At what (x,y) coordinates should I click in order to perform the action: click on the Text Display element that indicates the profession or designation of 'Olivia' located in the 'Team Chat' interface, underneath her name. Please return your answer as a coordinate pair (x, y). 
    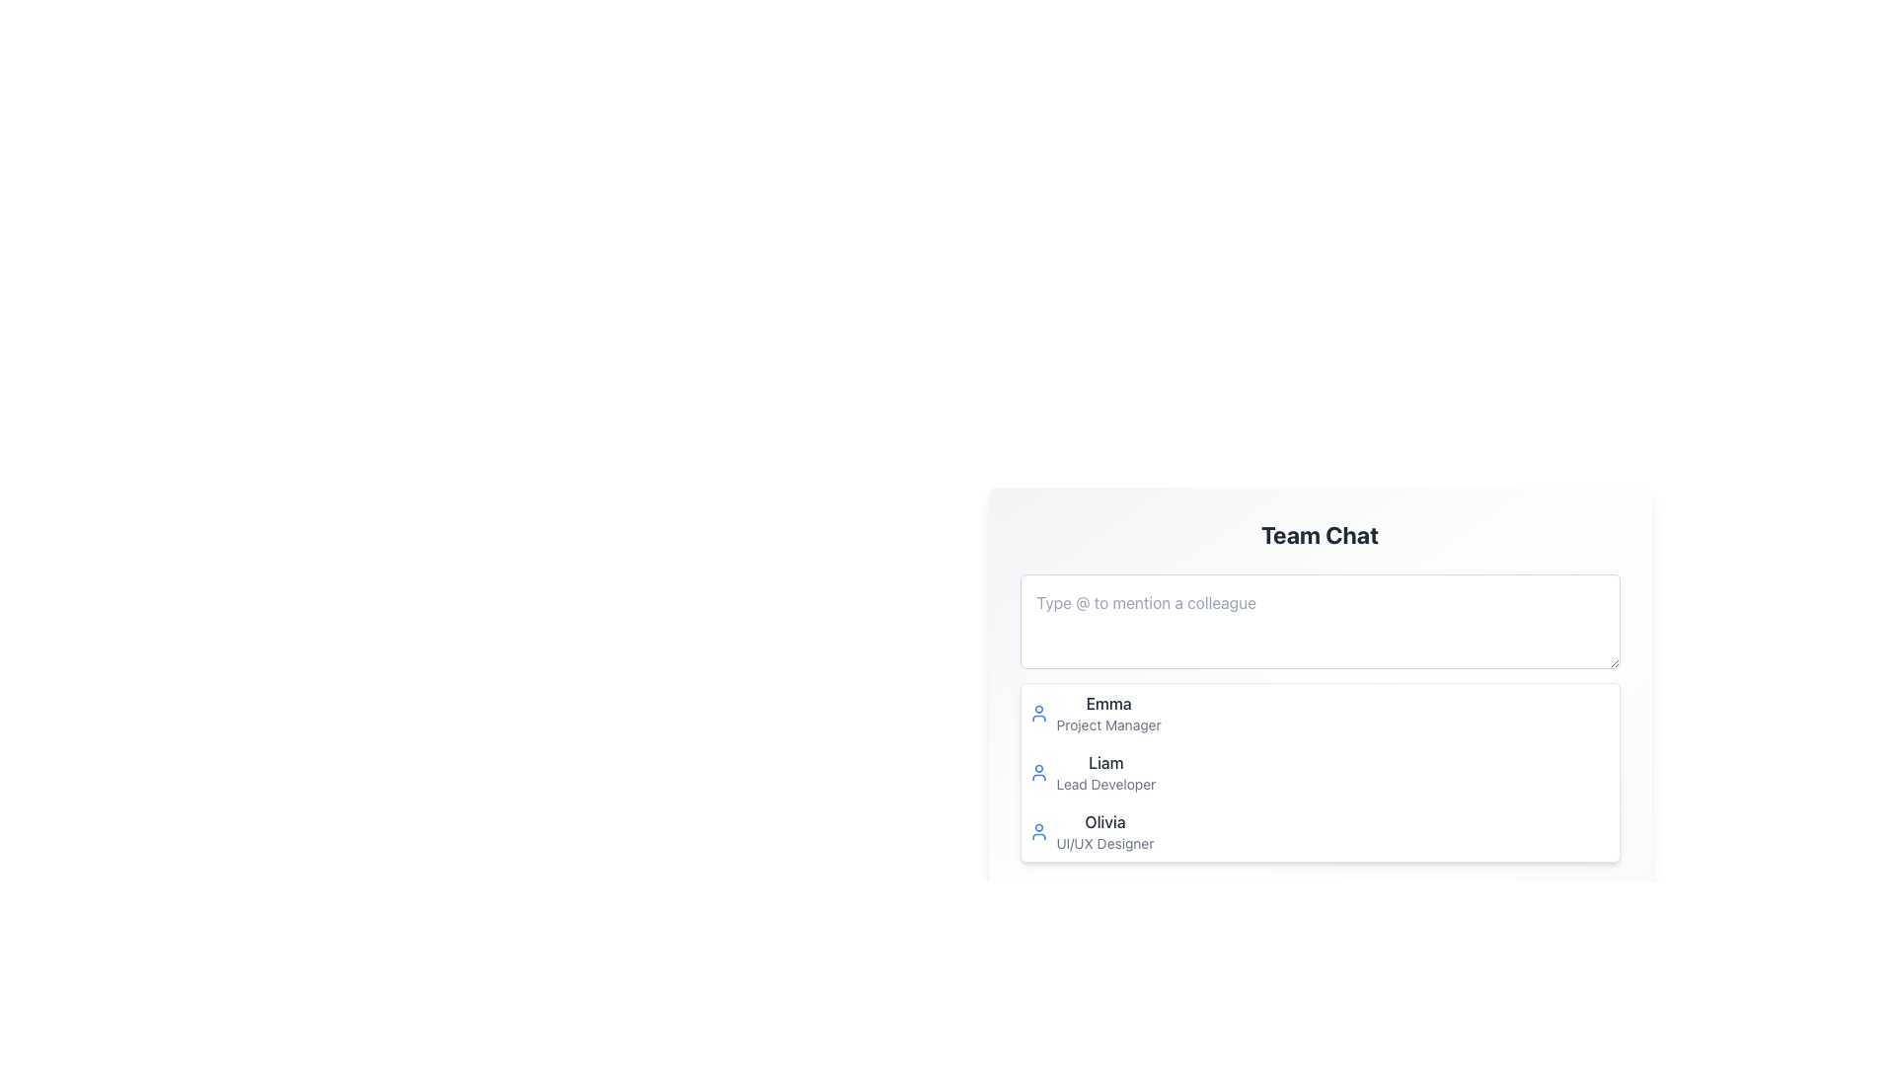
    Looking at the image, I should click on (1103, 844).